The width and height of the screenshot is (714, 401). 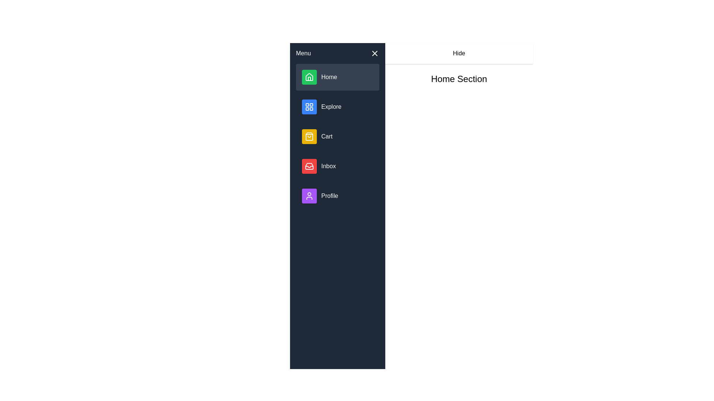 I want to click on the 'Explore' navigation icon located, so click(x=309, y=107).